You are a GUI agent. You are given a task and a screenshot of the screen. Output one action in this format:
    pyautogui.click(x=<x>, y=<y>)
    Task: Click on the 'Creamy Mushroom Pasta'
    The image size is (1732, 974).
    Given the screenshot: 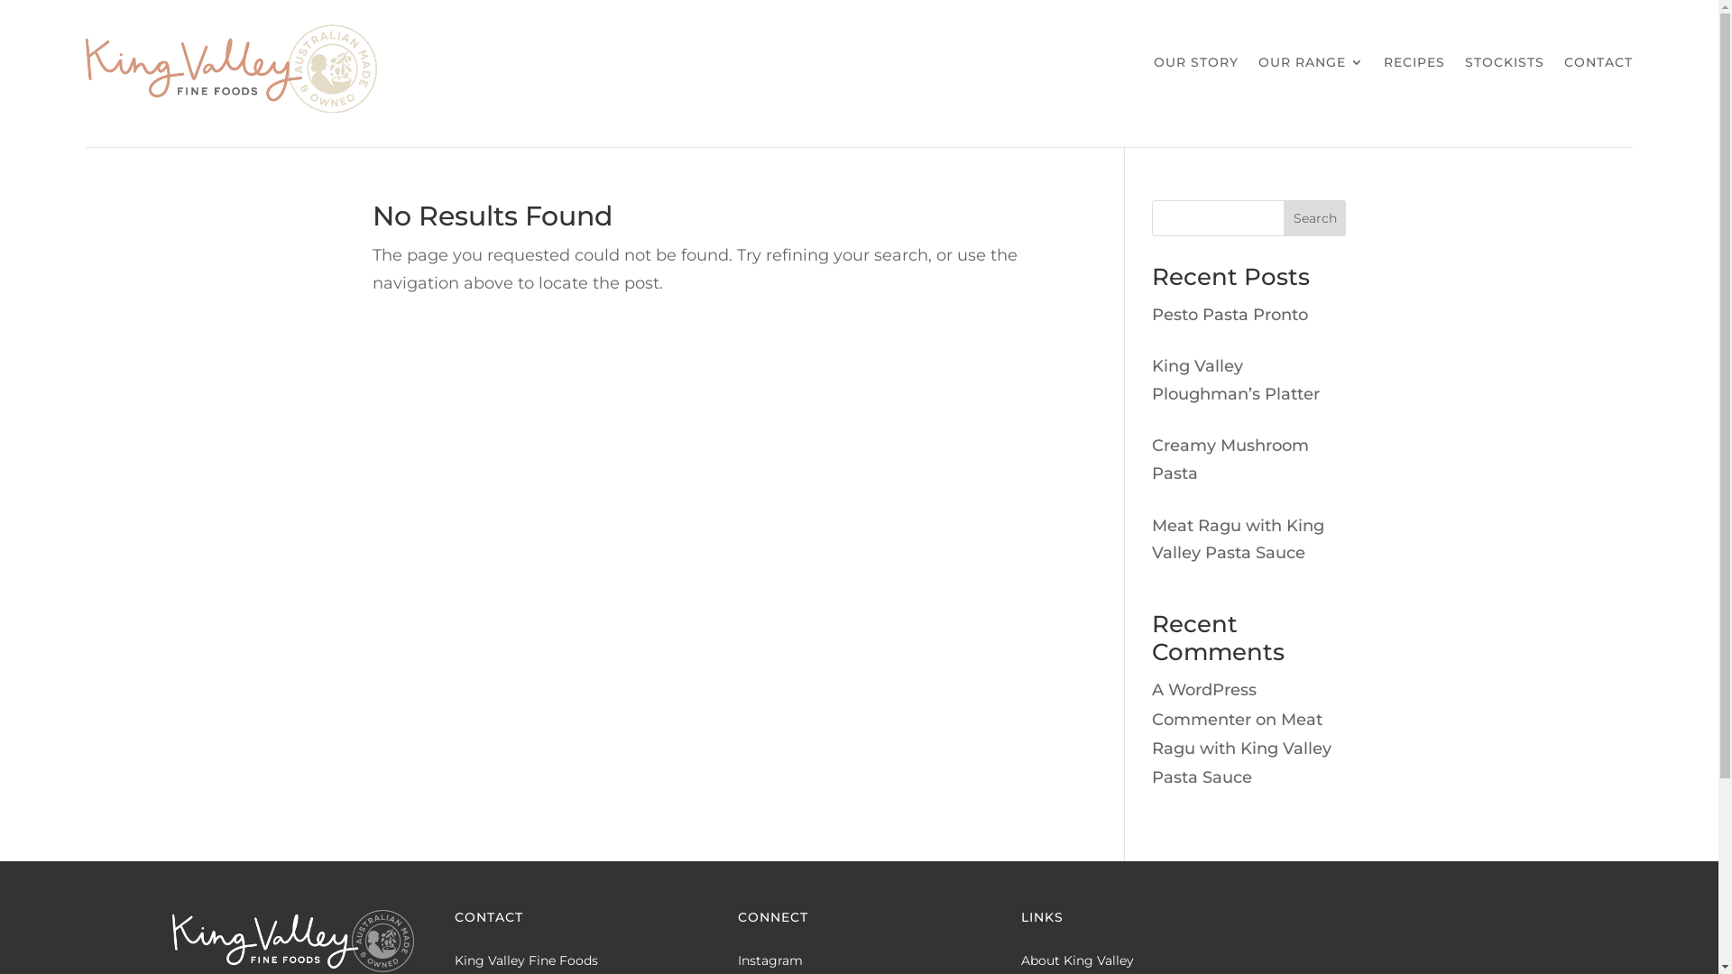 What is the action you would take?
    pyautogui.click(x=1229, y=458)
    